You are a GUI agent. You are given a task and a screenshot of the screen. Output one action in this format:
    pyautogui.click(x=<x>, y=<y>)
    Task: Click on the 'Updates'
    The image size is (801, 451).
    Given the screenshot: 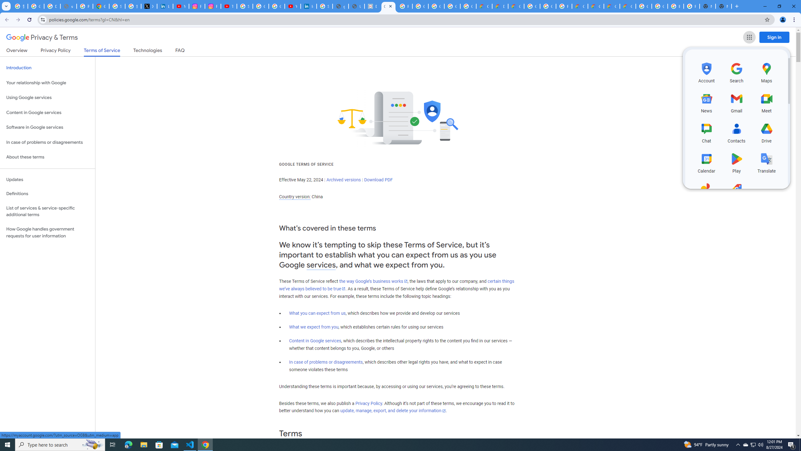 What is the action you would take?
    pyautogui.click(x=47, y=179)
    